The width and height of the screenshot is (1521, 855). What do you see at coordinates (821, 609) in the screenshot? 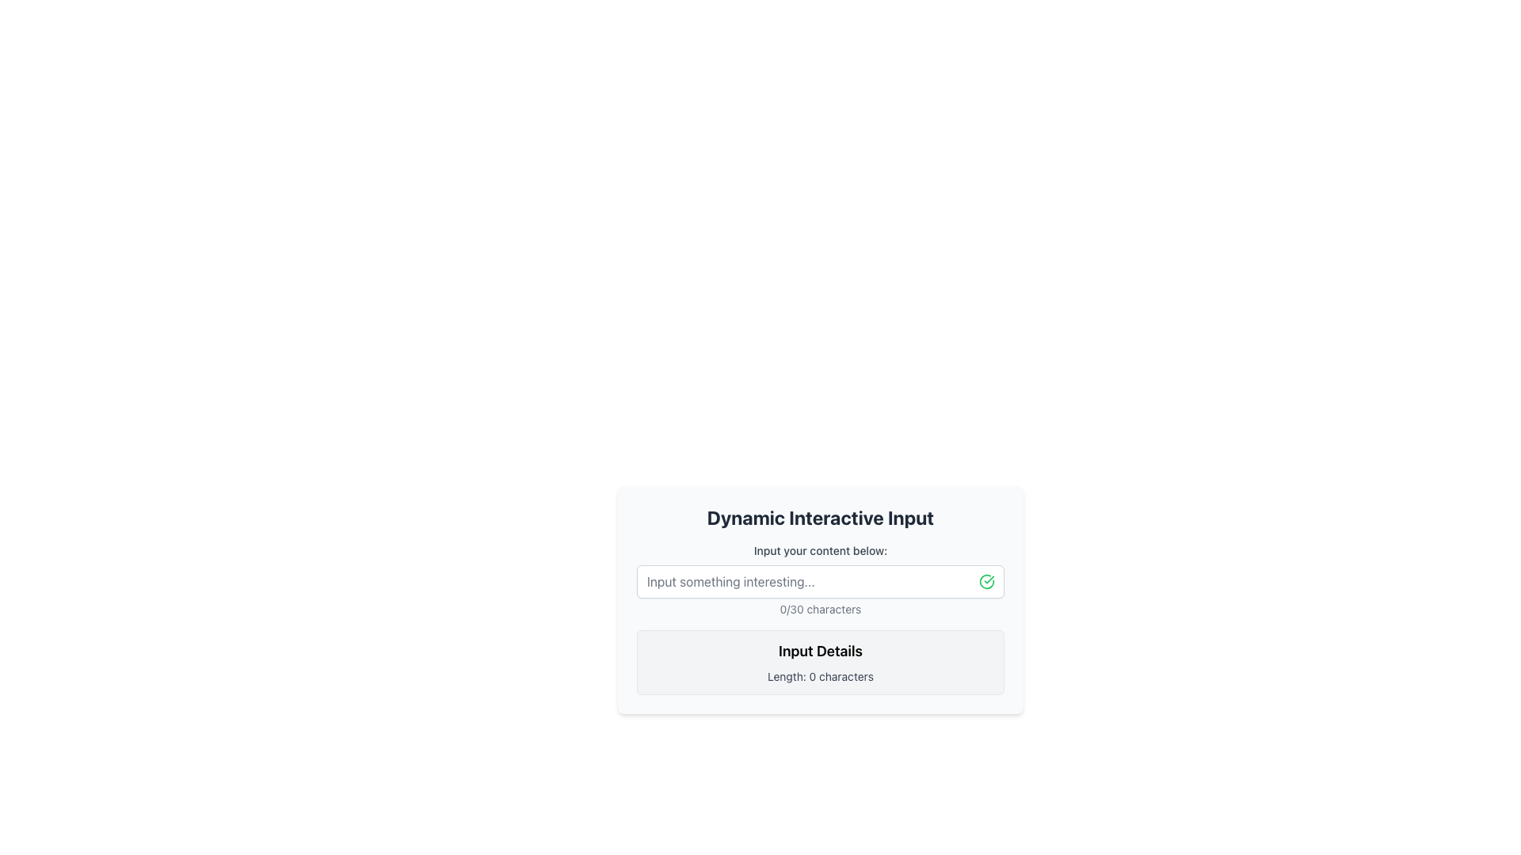
I see `the text label that indicates the number of characters entered relative to the maximum limit of 30, positioned just below the input field labeled 'Input your content below'` at bounding box center [821, 609].